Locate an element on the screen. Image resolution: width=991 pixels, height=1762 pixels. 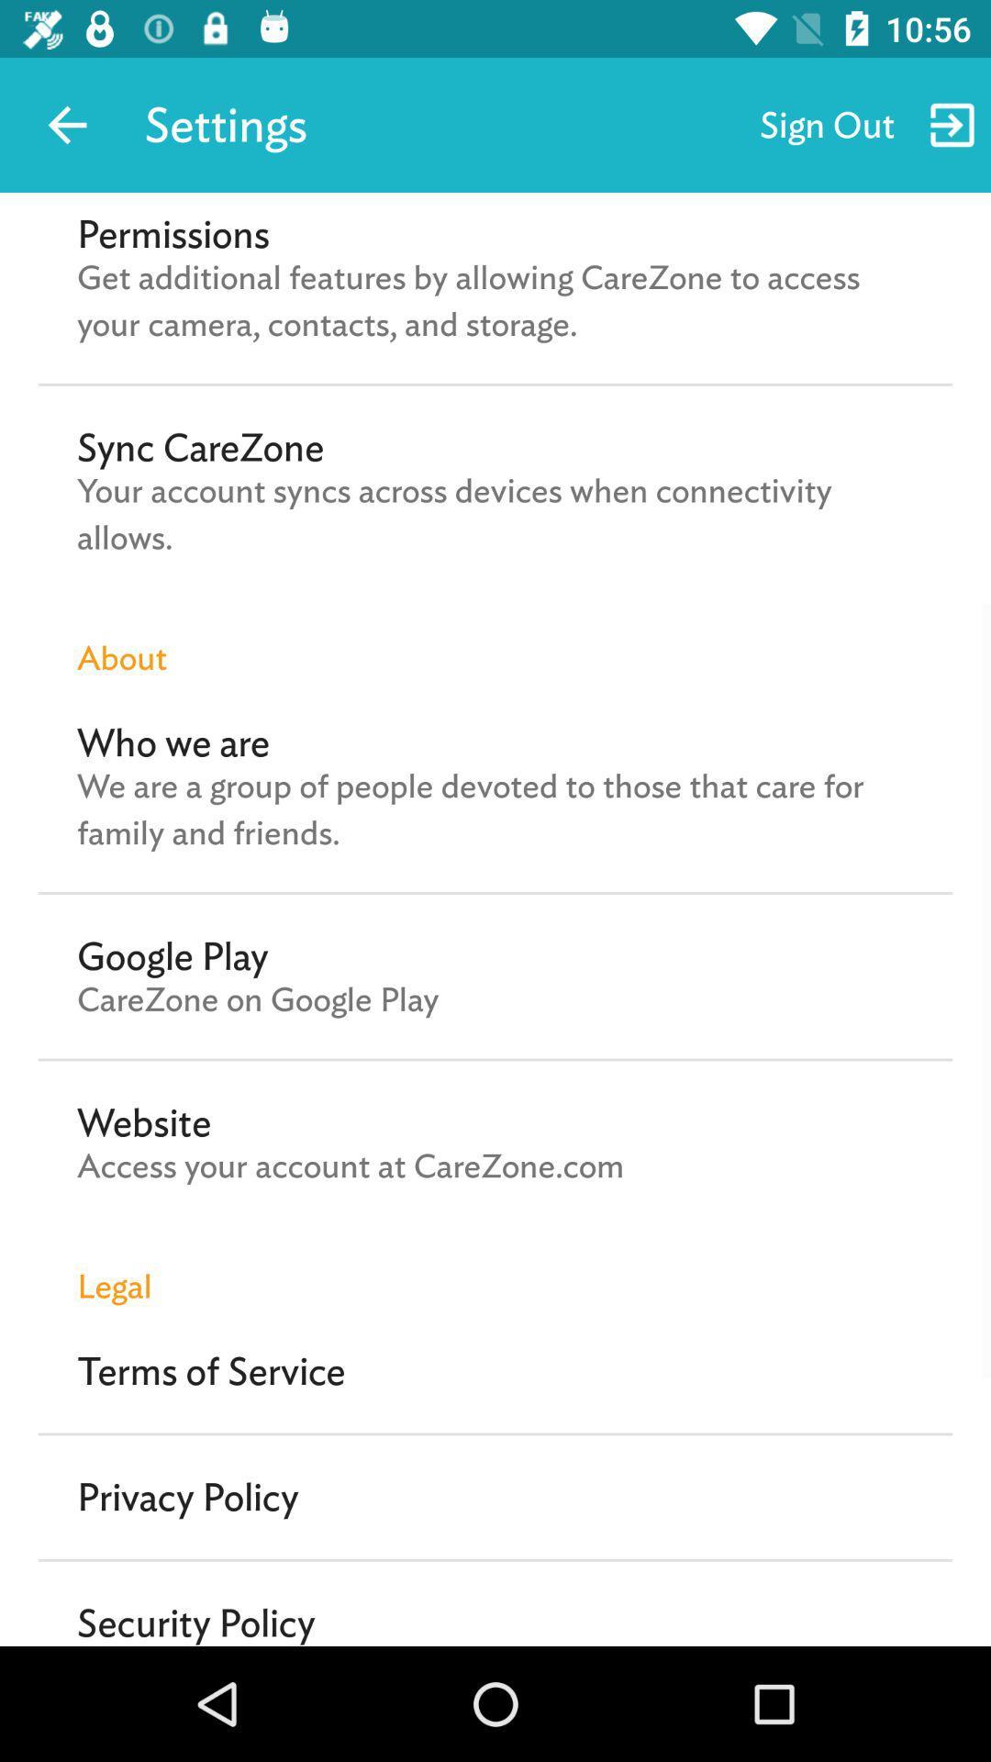
the item next to settings is located at coordinates (66, 124).